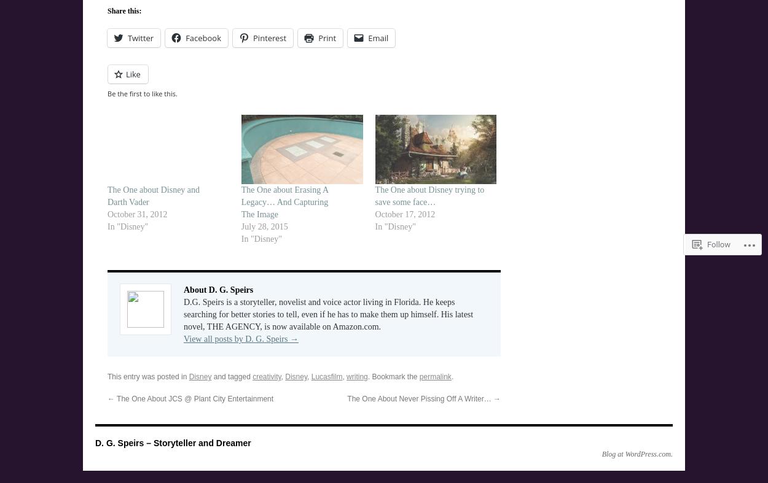  I want to click on 'D.G. Speirs is a storyteller, novelist and voice actor living in Florida. He keeps searching for better stories to tell, even if he has to make them up himself. His latest novel, THE AGENCY, is now available on Amazon.com.', so click(328, 314).